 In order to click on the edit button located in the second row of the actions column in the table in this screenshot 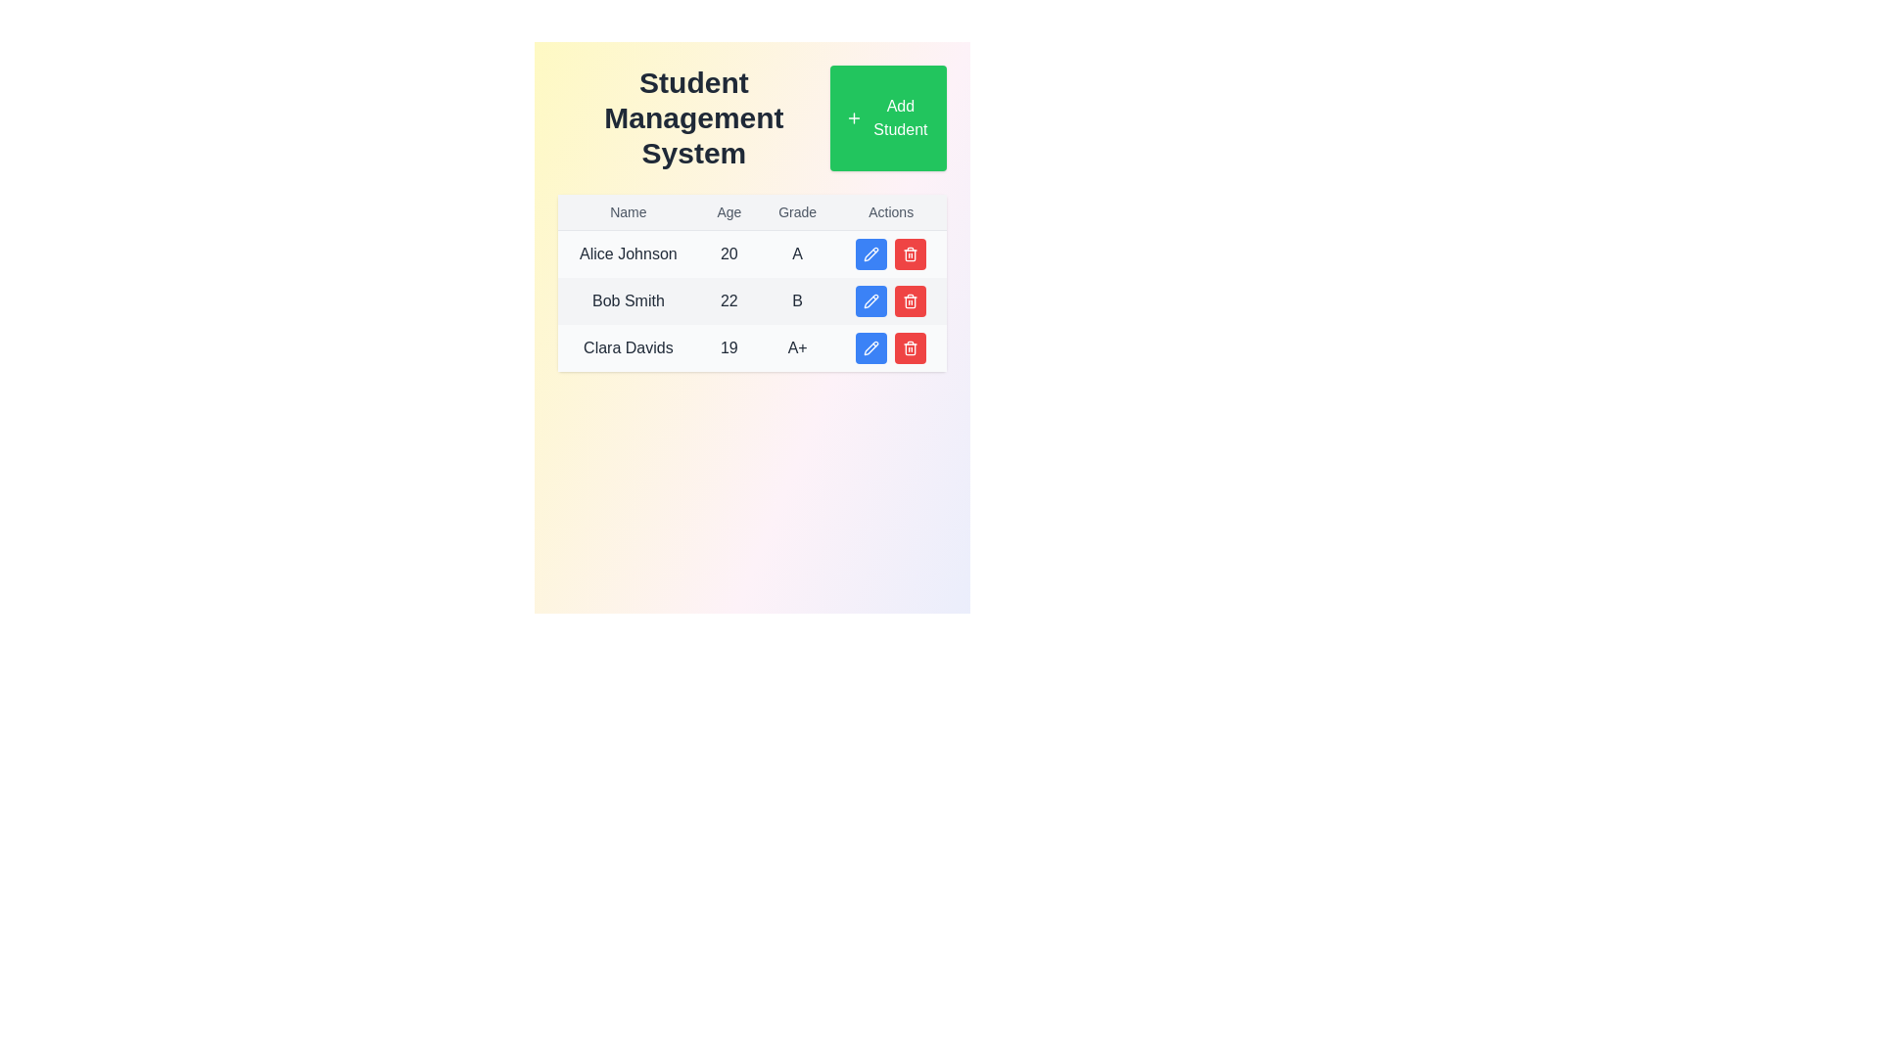, I will do `click(870, 301)`.